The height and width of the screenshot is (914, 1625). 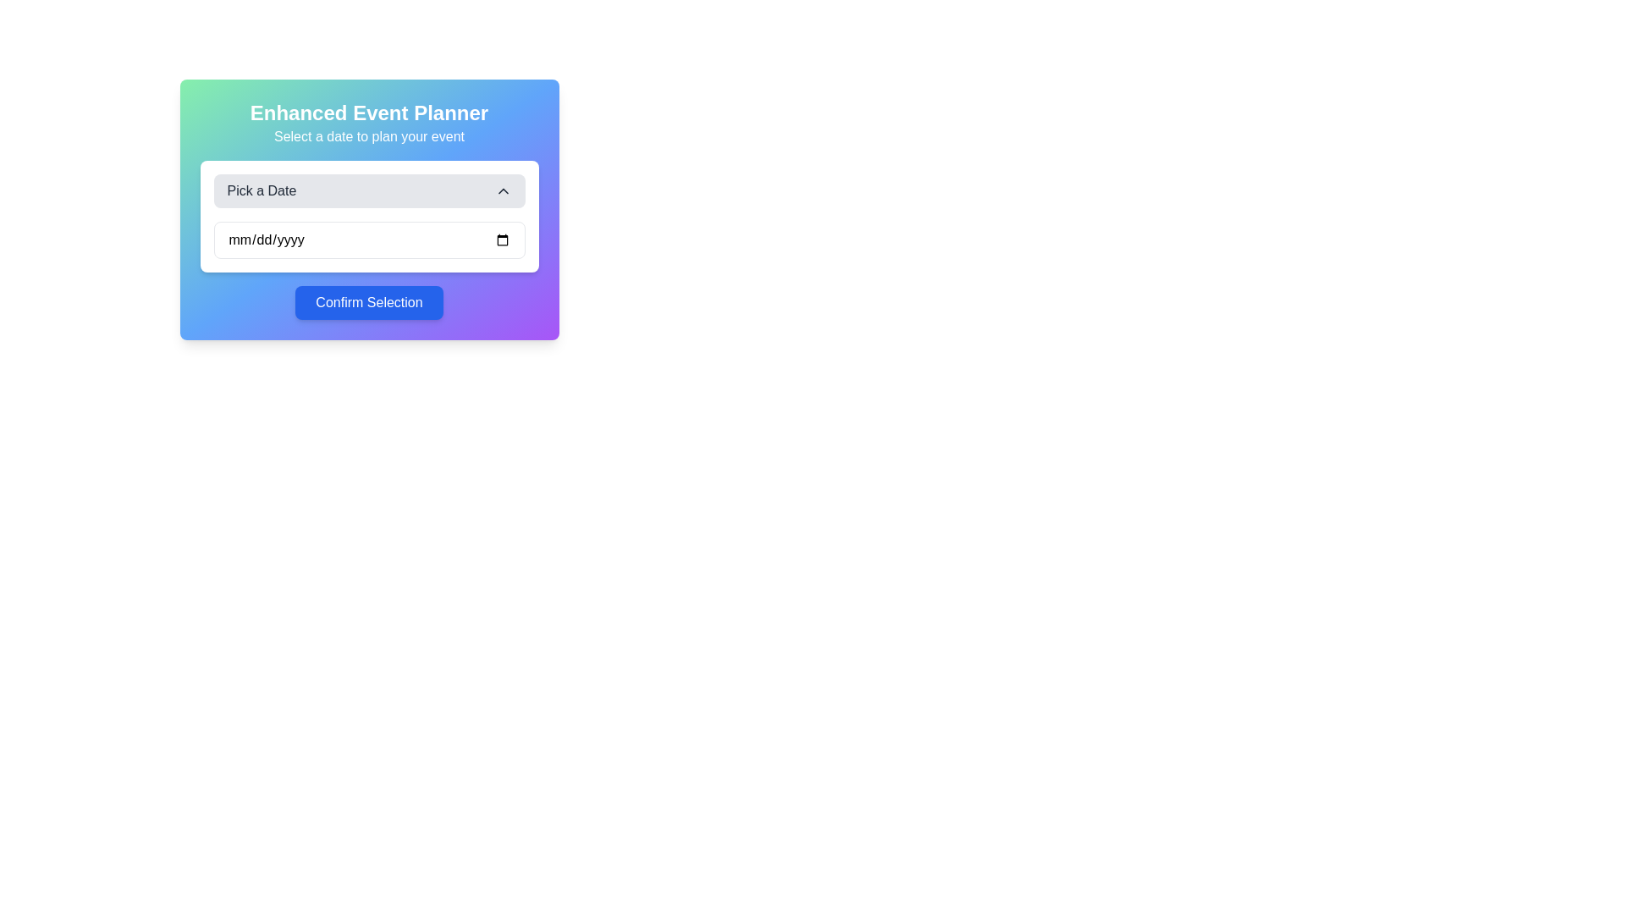 What do you see at coordinates (368, 136) in the screenshot?
I see `the instructional text label located beneath 'Enhanced Event Planner', which guides the user on selecting a date for an event` at bounding box center [368, 136].